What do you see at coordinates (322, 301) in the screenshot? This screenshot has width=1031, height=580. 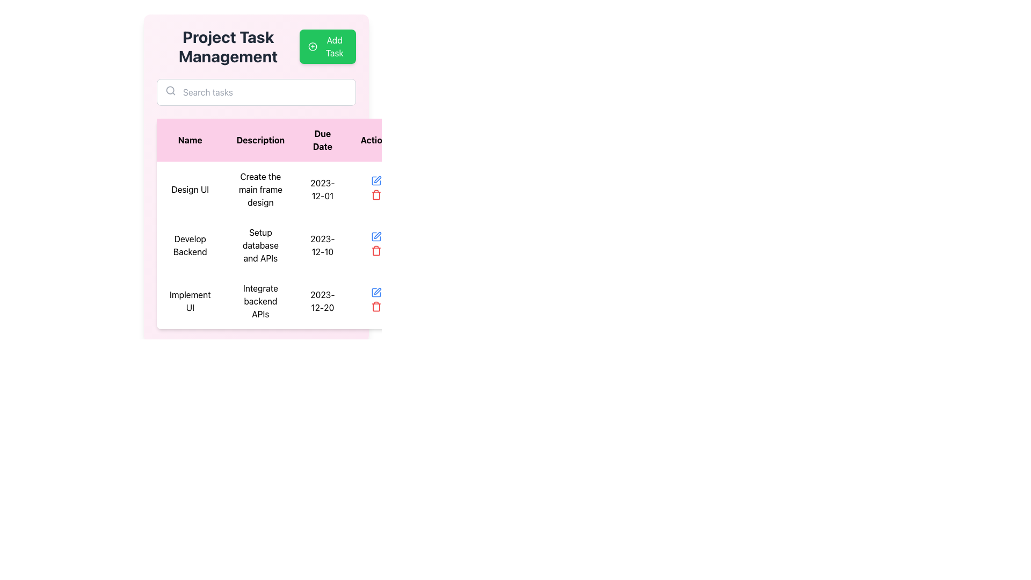 I see `the non-interactive due date text element in the third row of the table under the 'Due Date' column` at bounding box center [322, 301].